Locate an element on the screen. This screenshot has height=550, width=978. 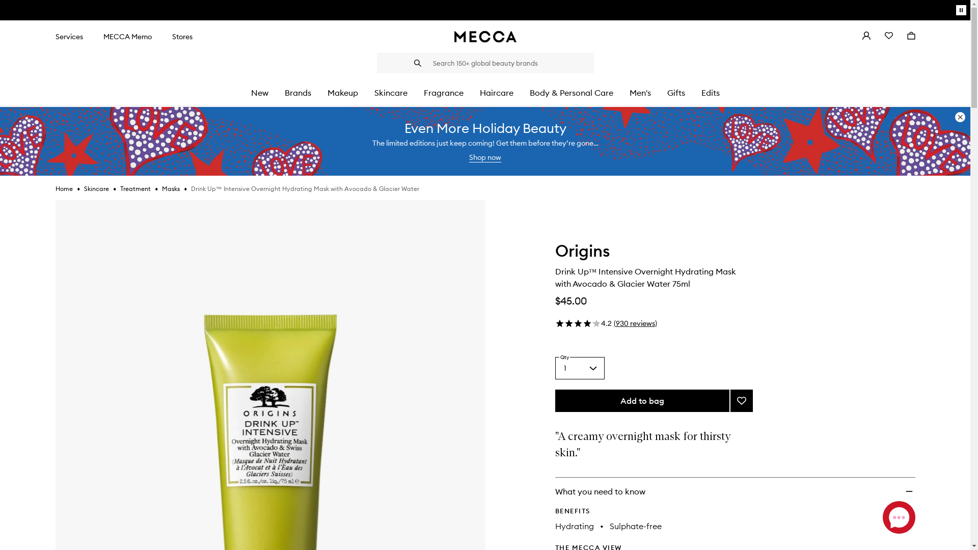
'Chat with us' is located at coordinates (882, 517).